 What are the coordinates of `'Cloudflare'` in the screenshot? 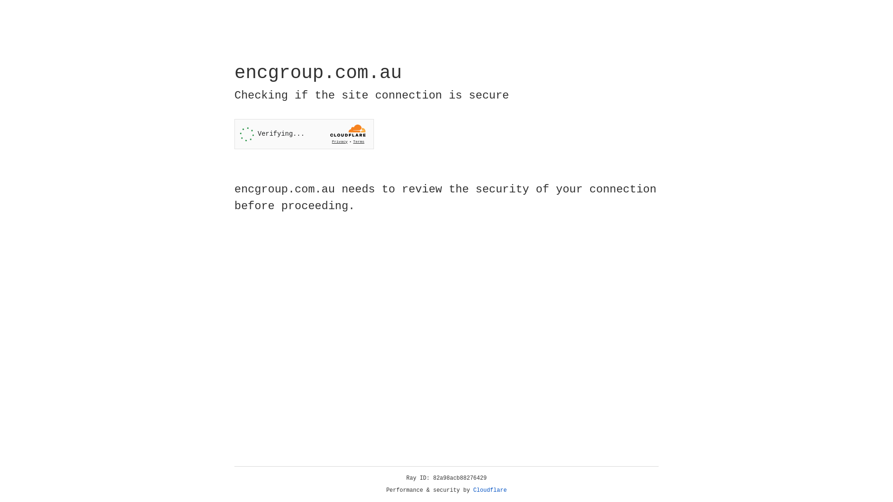 It's located at (490, 490).